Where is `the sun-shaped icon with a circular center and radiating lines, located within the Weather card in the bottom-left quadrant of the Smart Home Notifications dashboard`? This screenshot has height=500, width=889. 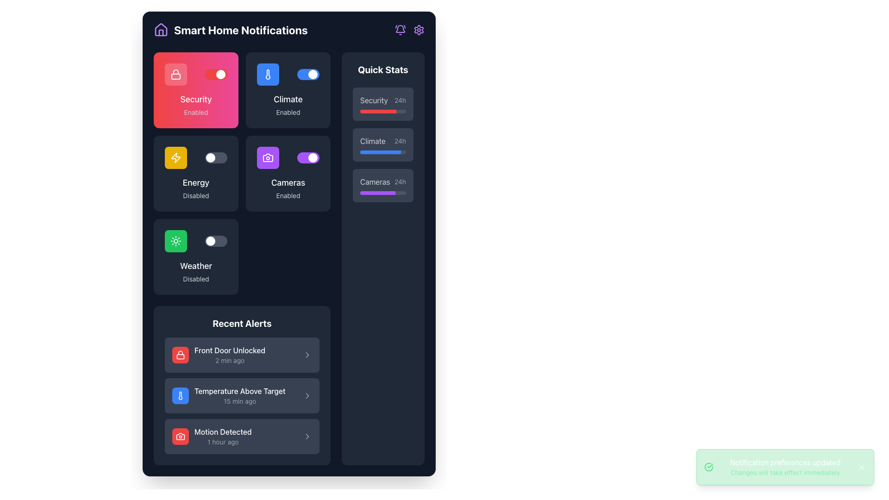
the sun-shaped icon with a circular center and radiating lines, located within the Weather card in the bottom-left quadrant of the Smart Home Notifications dashboard is located at coordinates (175, 240).